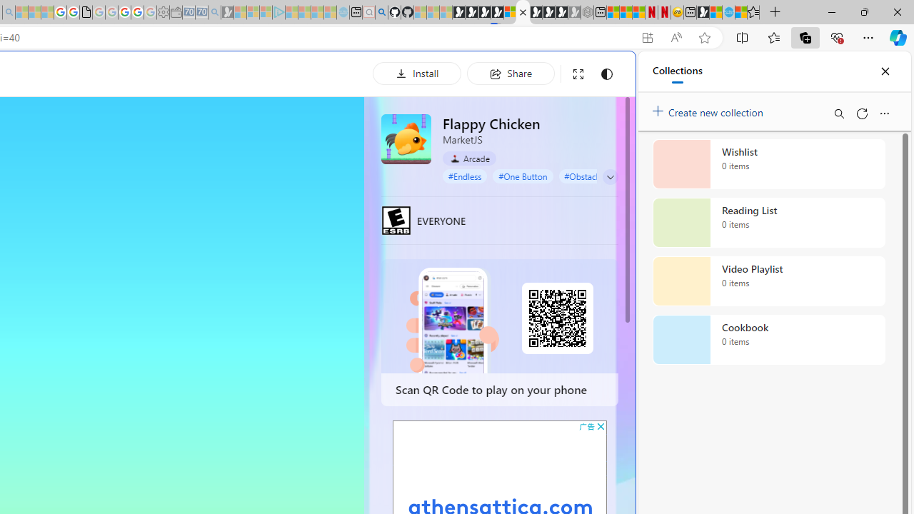 This screenshot has width=914, height=514. Describe the element at coordinates (611, 176) in the screenshot. I see `'Class: control'` at that location.